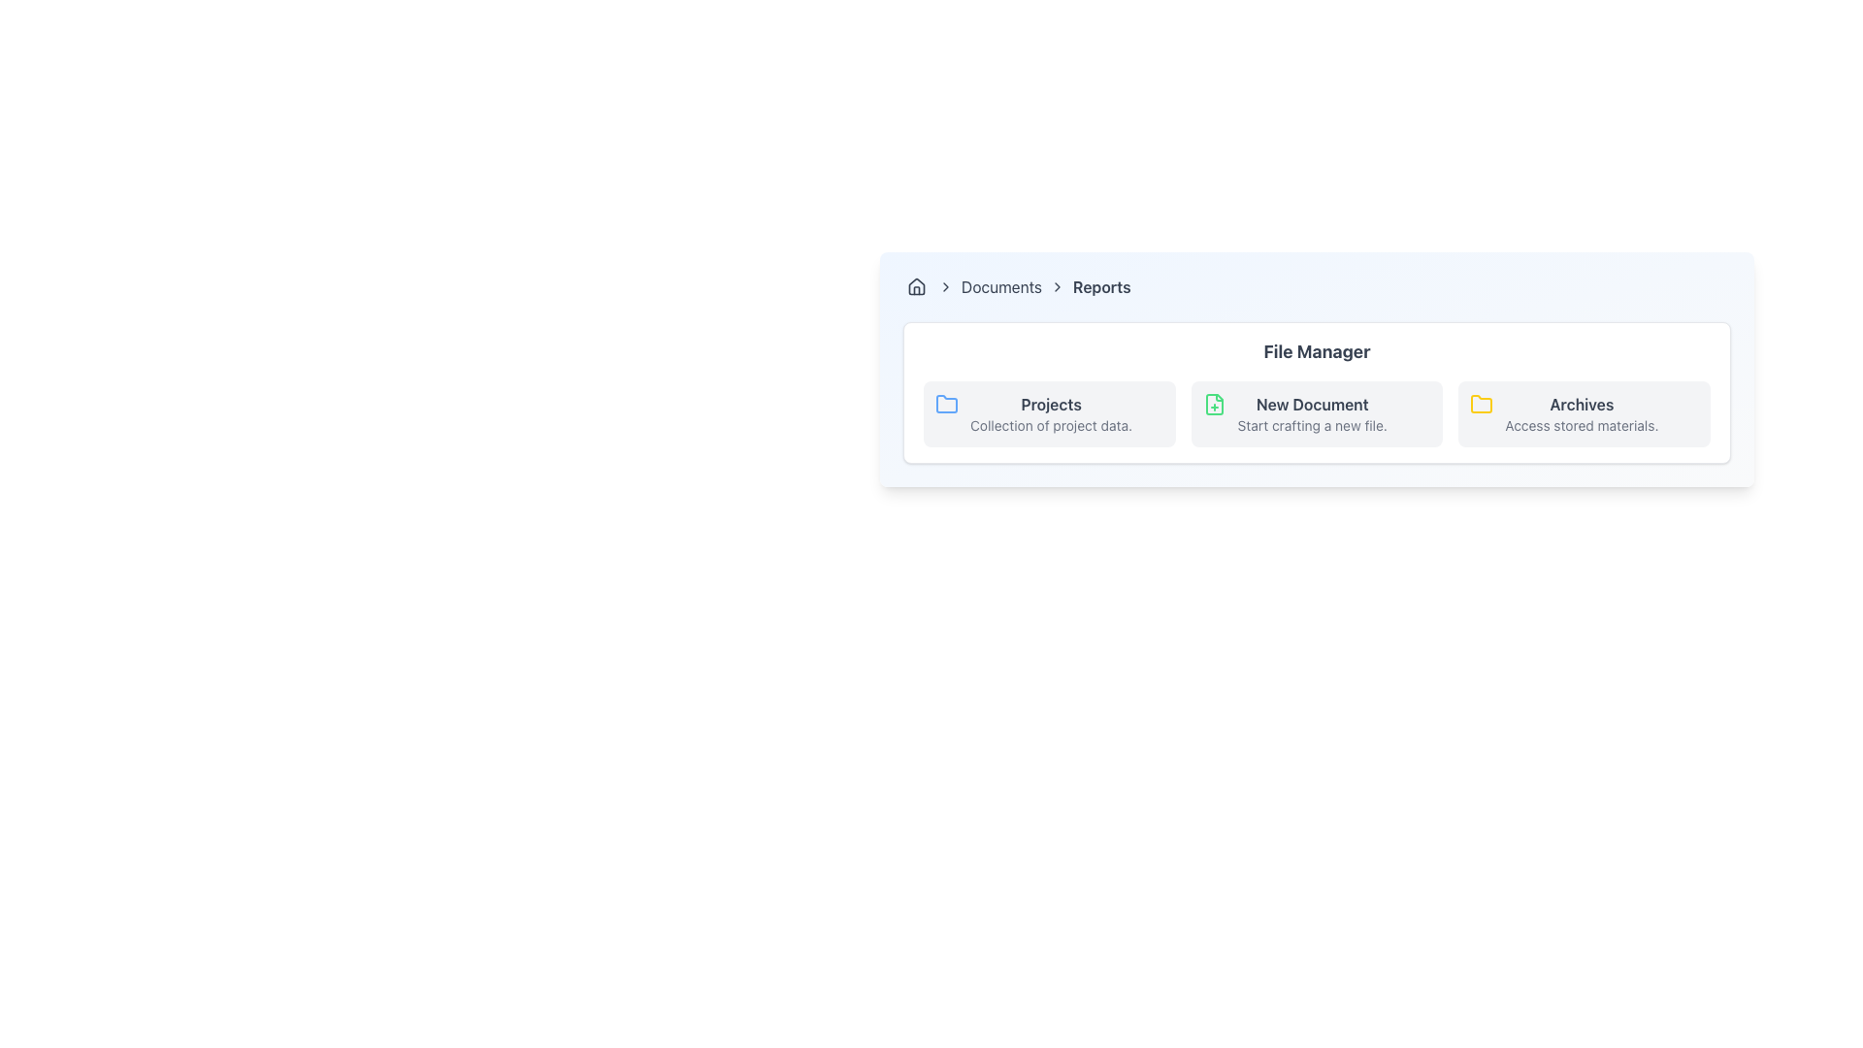  What do you see at coordinates (1050, 413) in the screenshot?
I see `the 'Projects' section title and description text block` at bounding box center [1050, 413].